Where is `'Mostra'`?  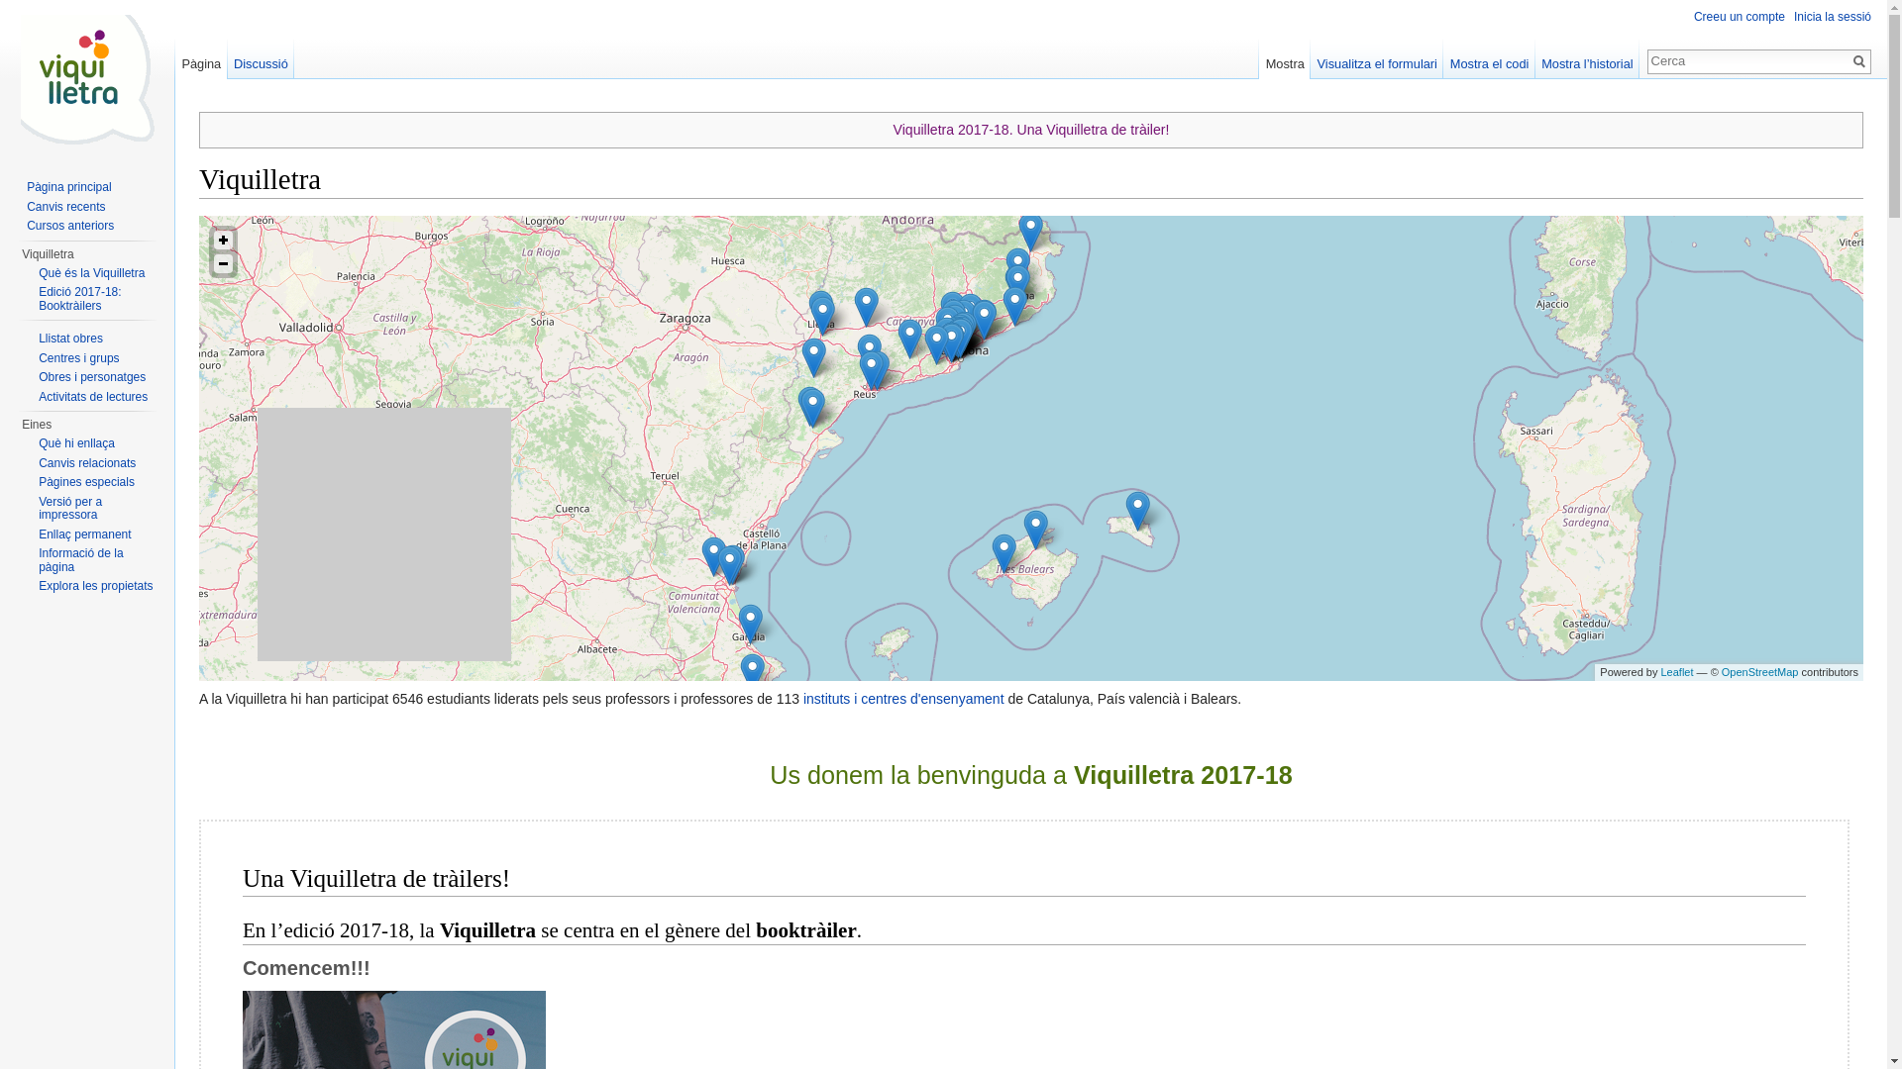 'Mostra' is located at coordinates (1258, 58).